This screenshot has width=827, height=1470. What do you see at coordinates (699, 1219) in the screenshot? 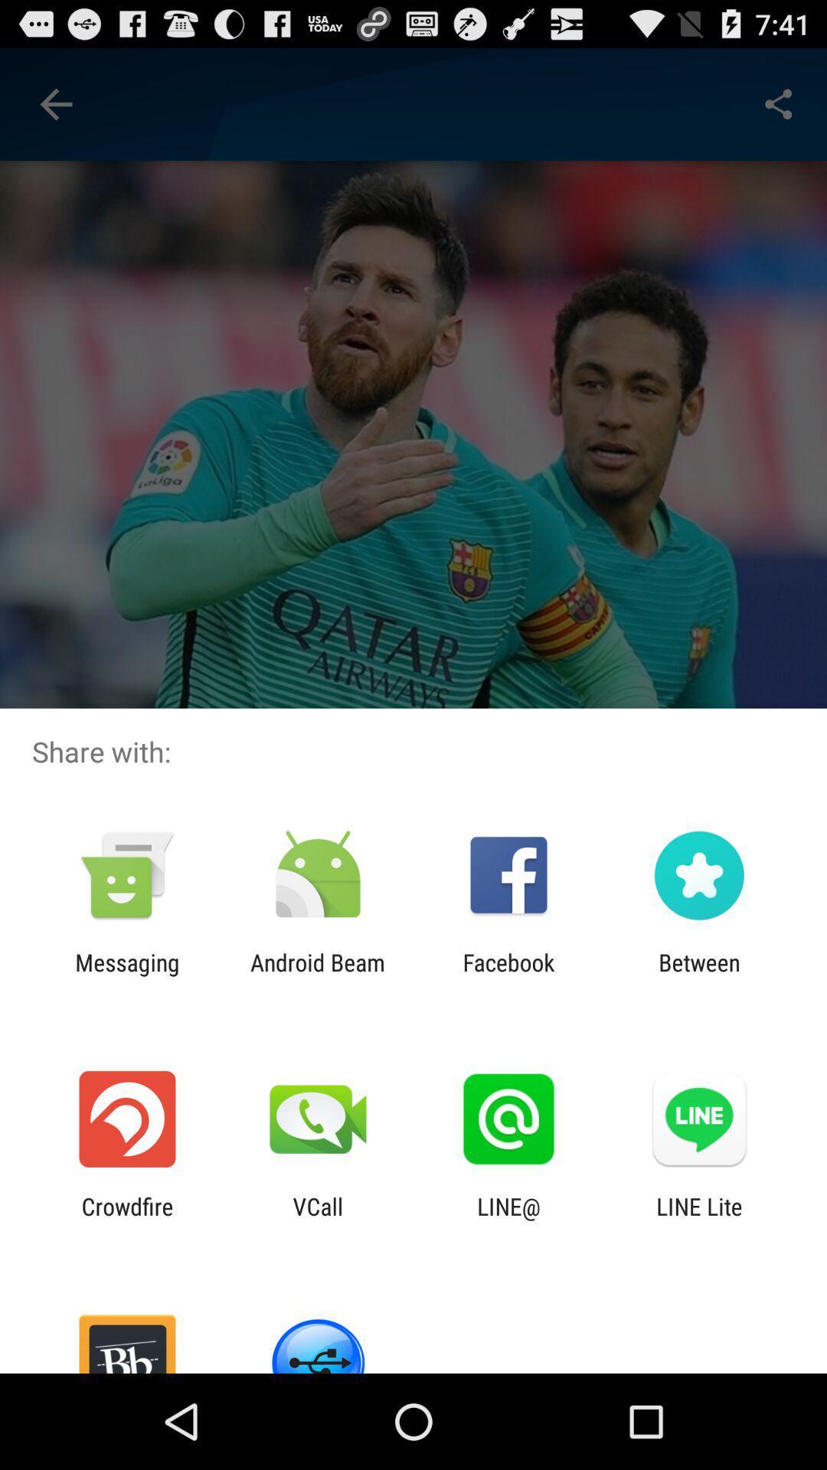
I see `the item next to the line@ icon` at bounding box center [699, 1219].